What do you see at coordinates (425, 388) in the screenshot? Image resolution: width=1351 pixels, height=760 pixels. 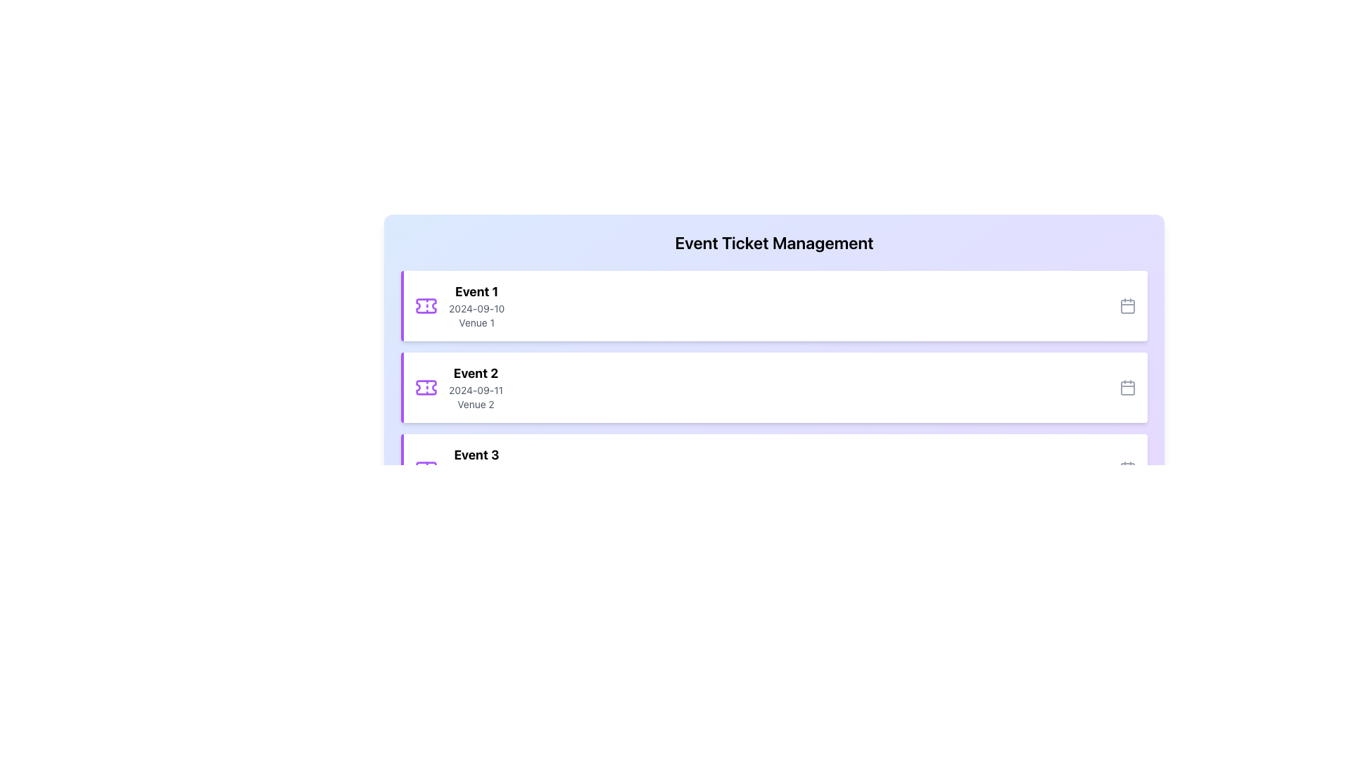 I see `the event ticket icon located to the left of the 'Event 2' text` at bounding box center [425, 388].